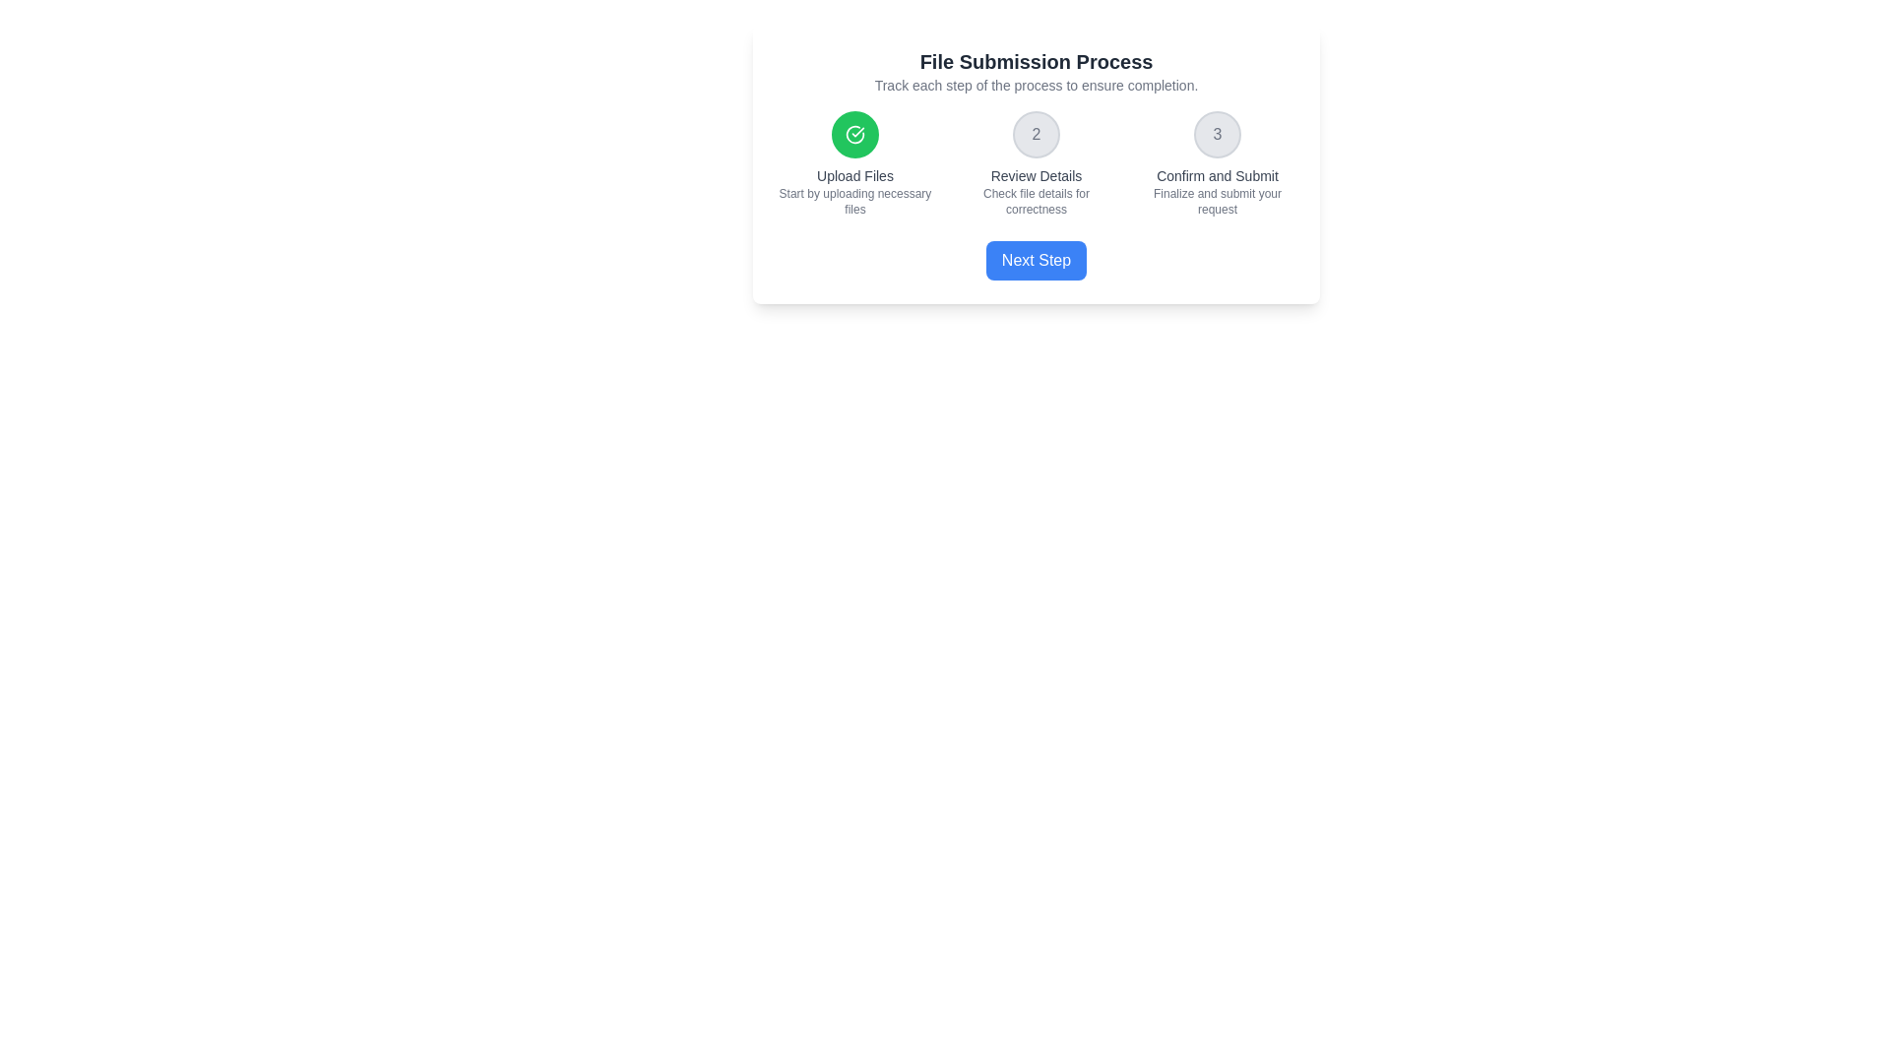  What do you see at coordinates (1217, 201) in the screenshot?
I see `the Label/Text Description element that reads 'Finalize and submit your request', which is styled with a small font and gray color, located under the 'Confirm and Submit' header in the step-by-step process interface` at bounding box center [1217, 201].